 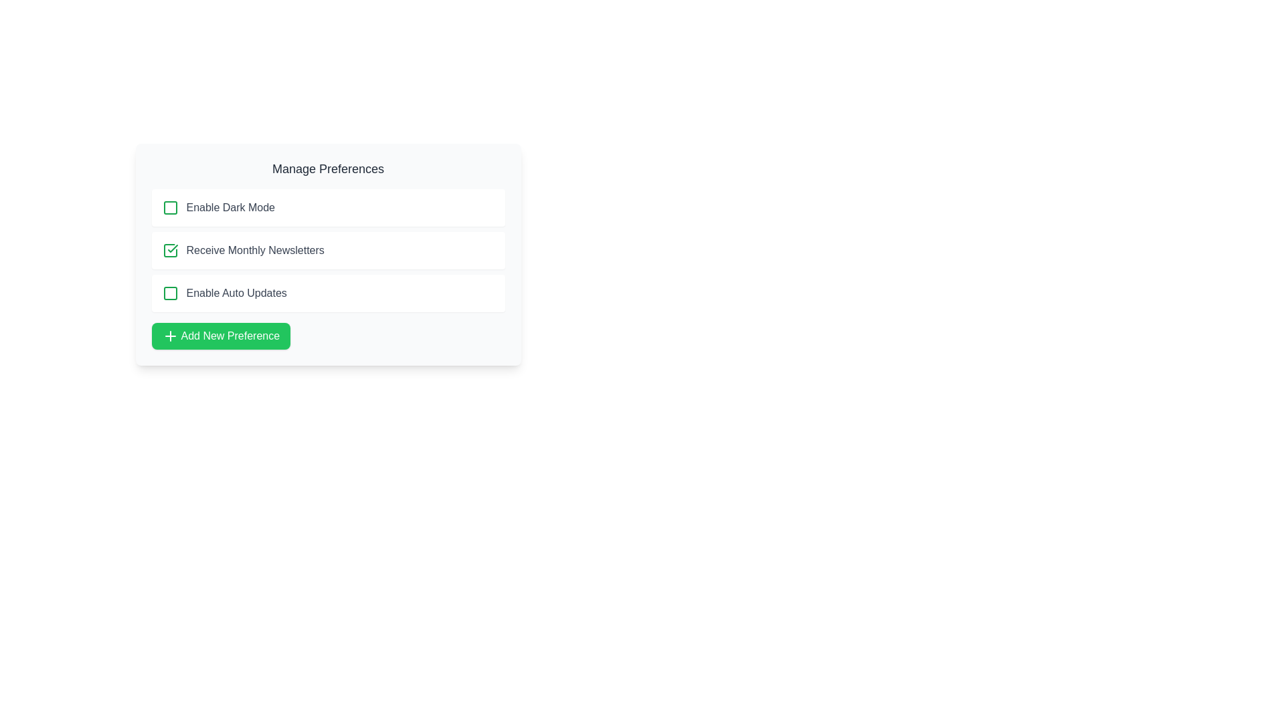 I want to click on the second checkbox option for toggling the monthly newsletter subscription preference, which is centrally aligned and follows the 'Enable Dark Mode' option, so click(x=328, y=250).